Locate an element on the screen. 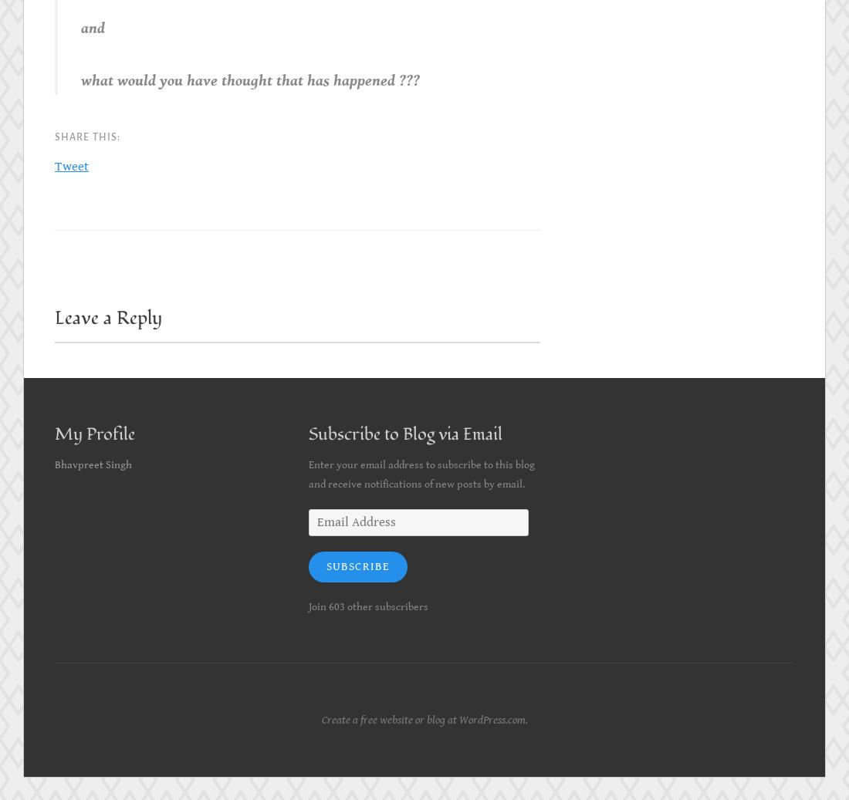 The width and height of the screenshot is (849, 800). 'what would you have thought that has happened ???' is located at coordinates (249, 79).